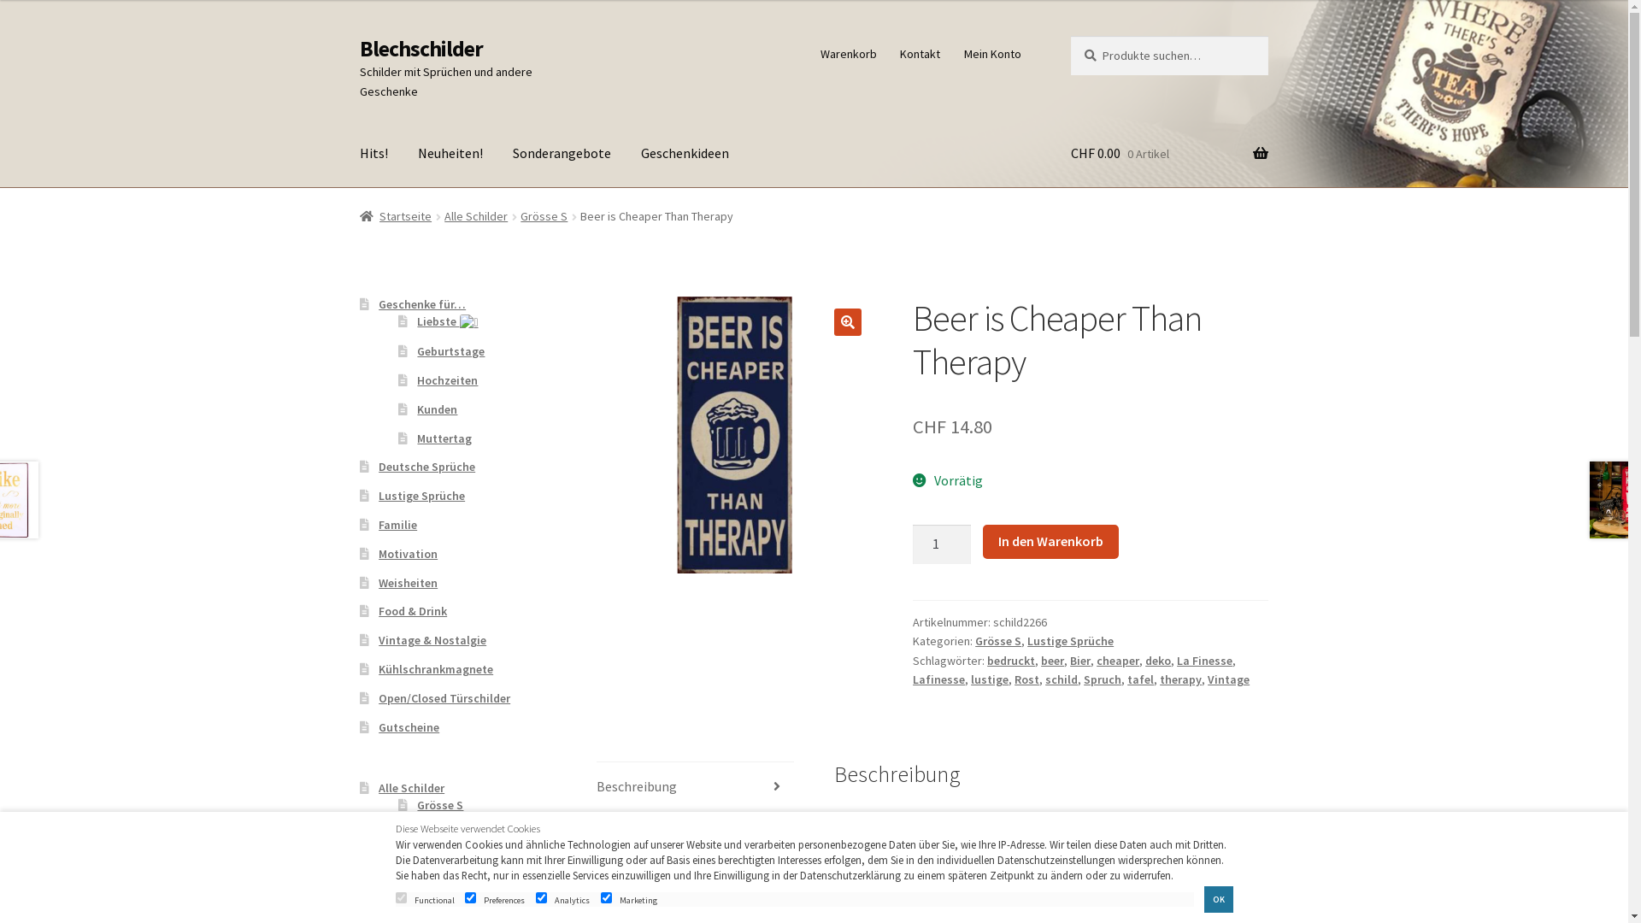  What do you see at coordinates (1026, 678) in the screenshot?
I see `'Rost'` at bounding box center [1026, 678].